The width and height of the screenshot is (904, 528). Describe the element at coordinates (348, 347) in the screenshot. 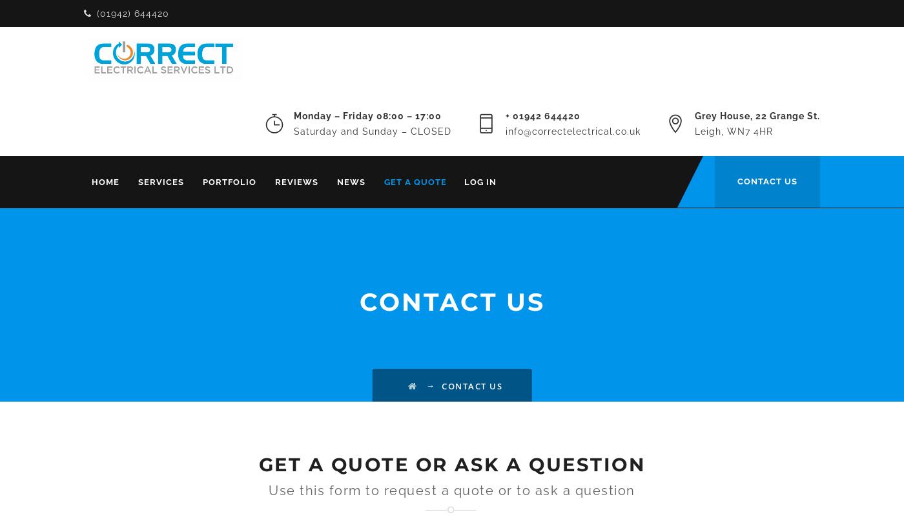

I see `'Lighting'` at that location.